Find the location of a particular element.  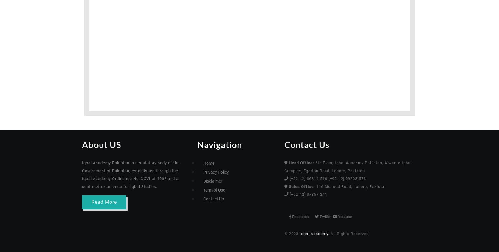

'[+92-42] 99203-573' is located at coordinates (374, 178).